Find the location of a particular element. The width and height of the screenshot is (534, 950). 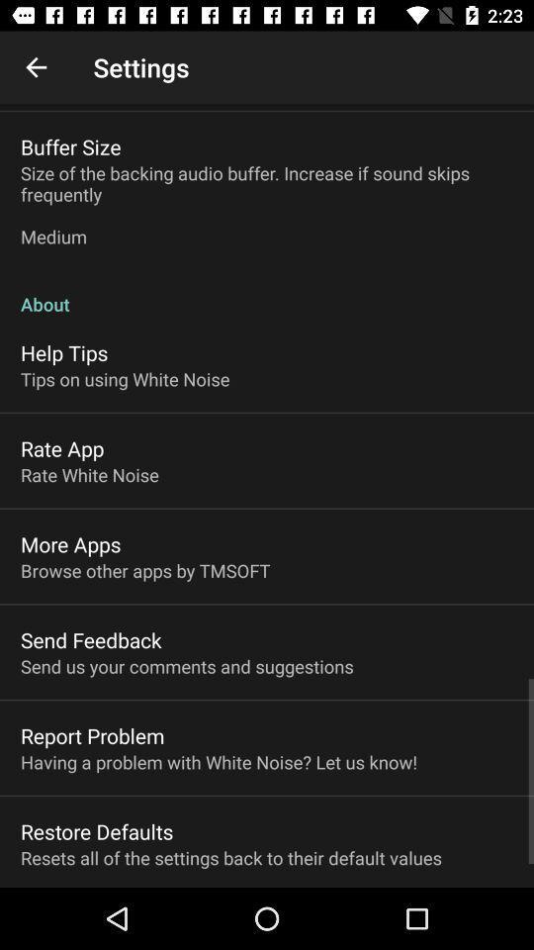

the item below the browse other apps item is located at coordinates (90, 638).